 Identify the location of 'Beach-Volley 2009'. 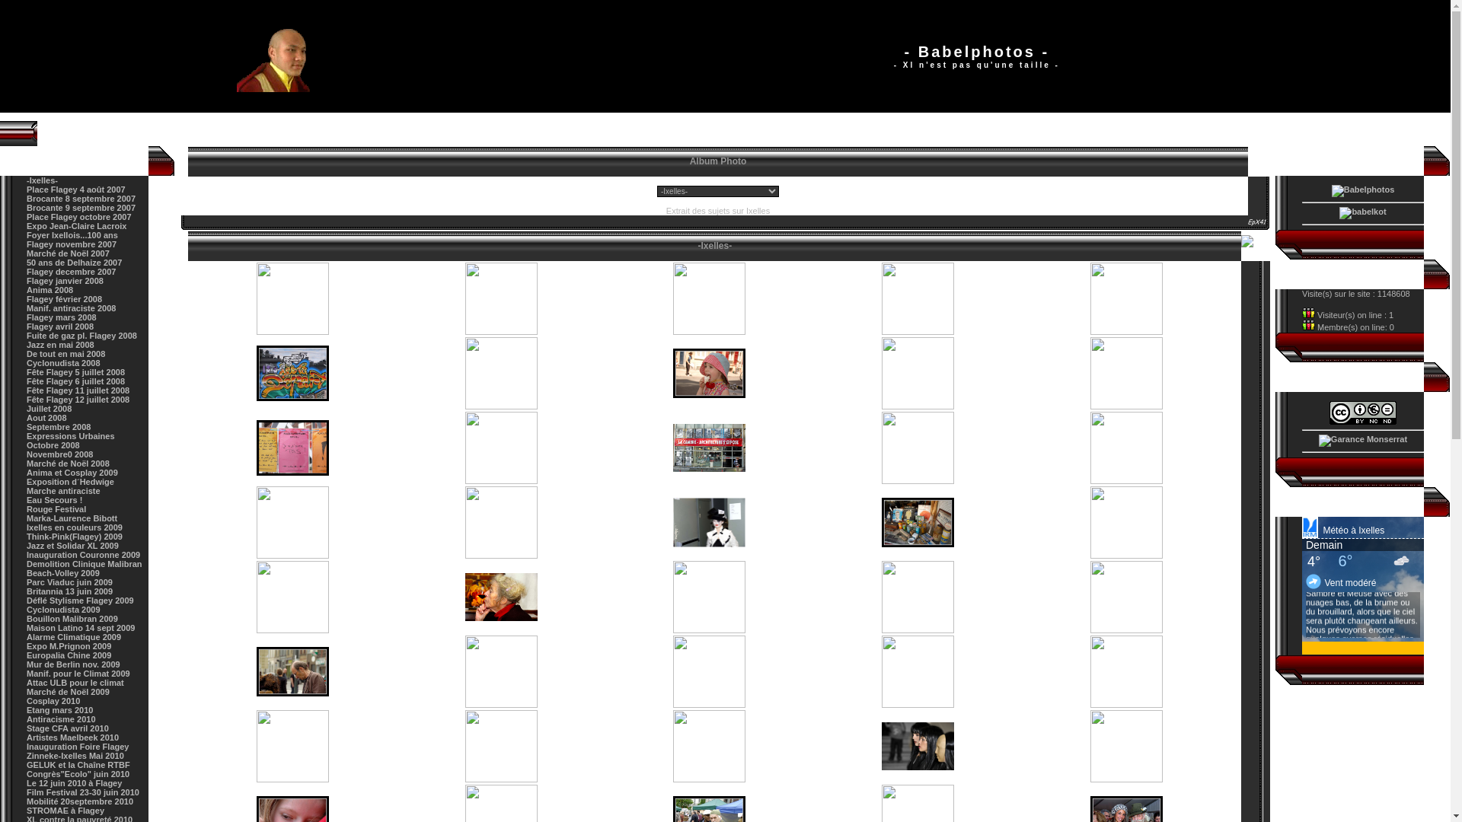
(62, 572).